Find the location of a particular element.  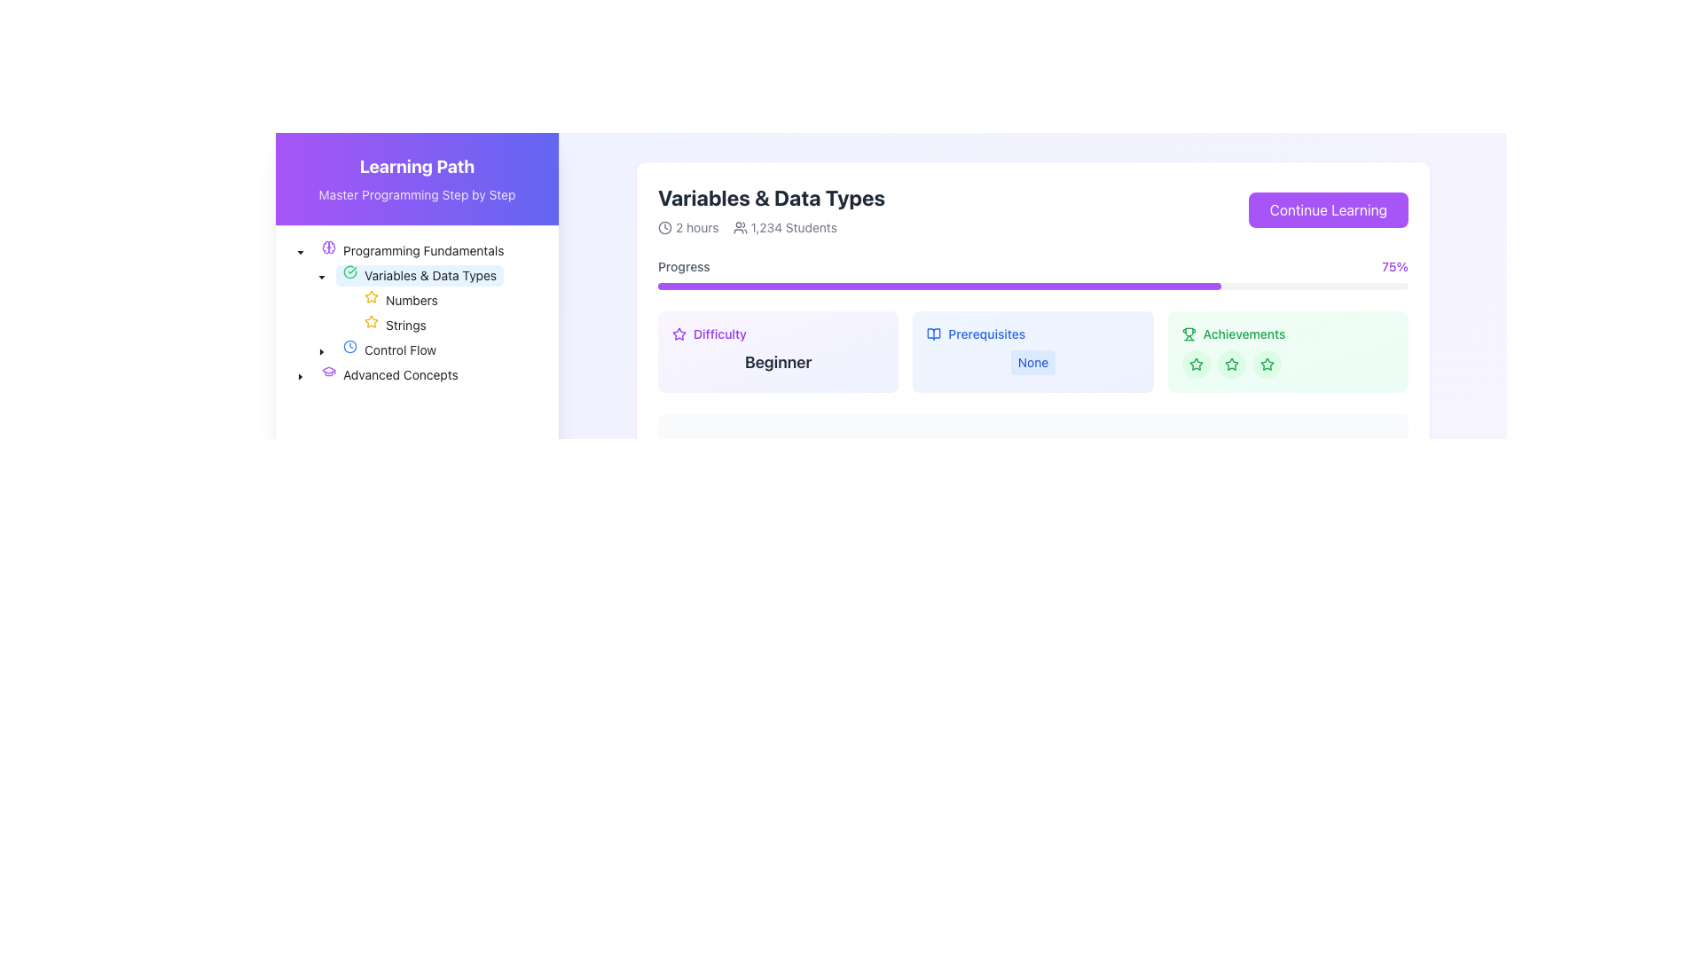

the third circular achievement icon located in the 'Achievements' section on the right side of the interface is located at coordinates (1266, 364).